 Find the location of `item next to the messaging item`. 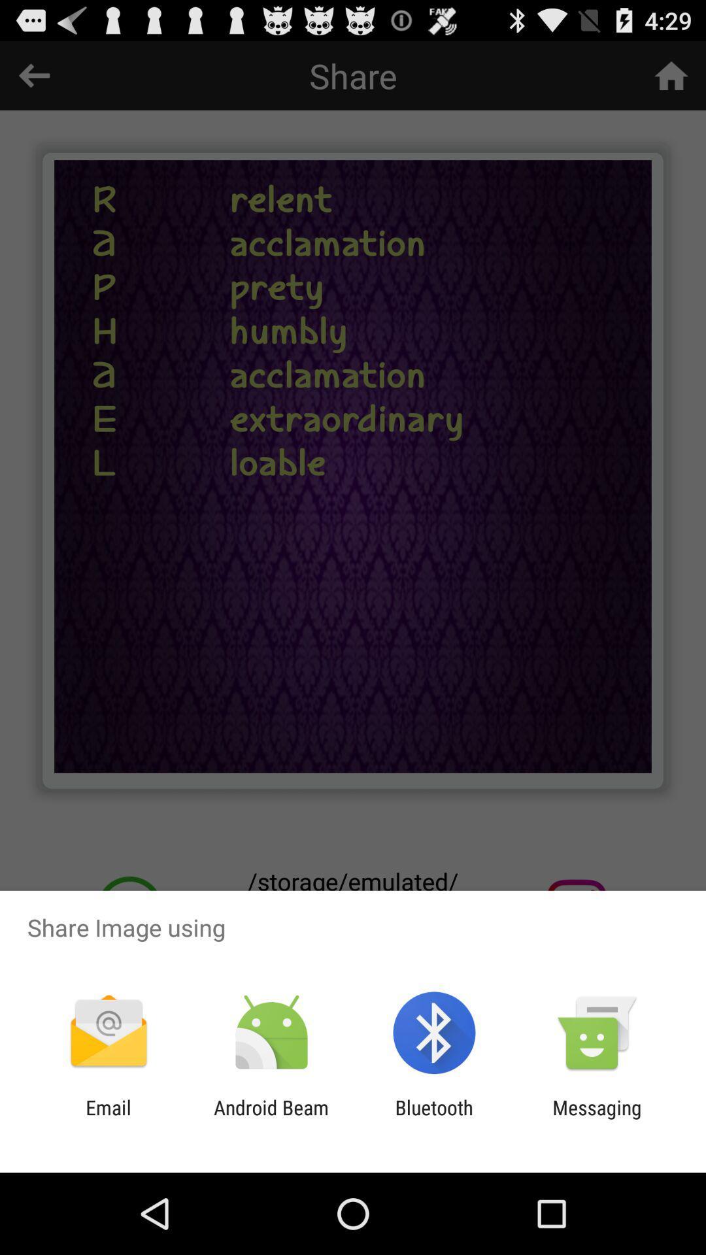

item next to the messaging item is located at coordinates (434, 1118).